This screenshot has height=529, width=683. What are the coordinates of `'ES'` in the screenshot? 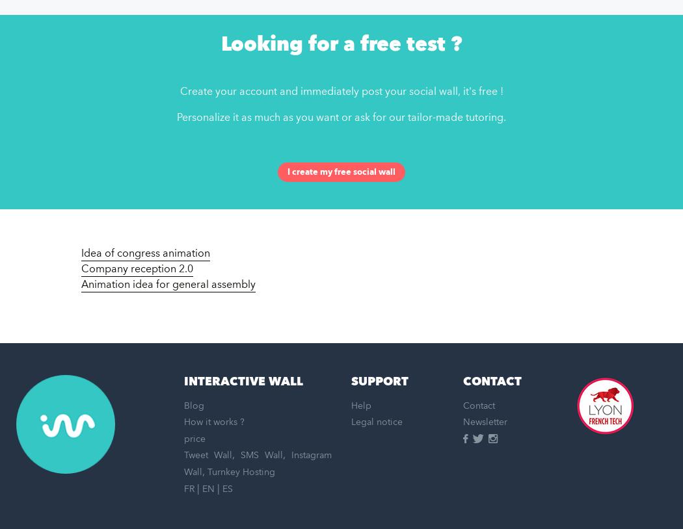 It's located at (226, 488).